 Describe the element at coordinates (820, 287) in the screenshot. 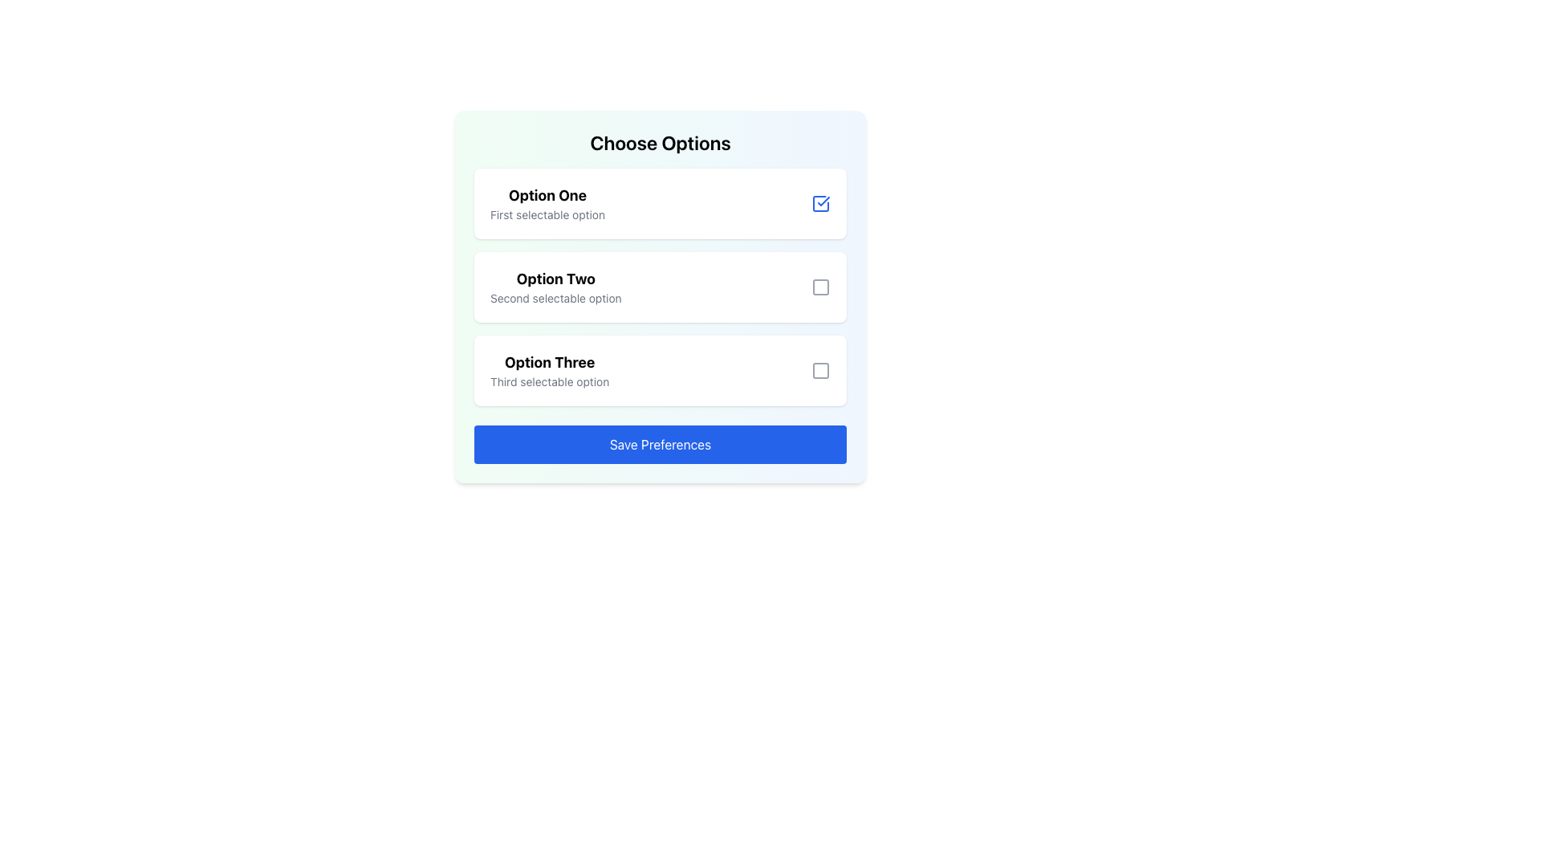

I see `the checkbox element indicating the unselected state within the 'Option Two' selection block` at that location.